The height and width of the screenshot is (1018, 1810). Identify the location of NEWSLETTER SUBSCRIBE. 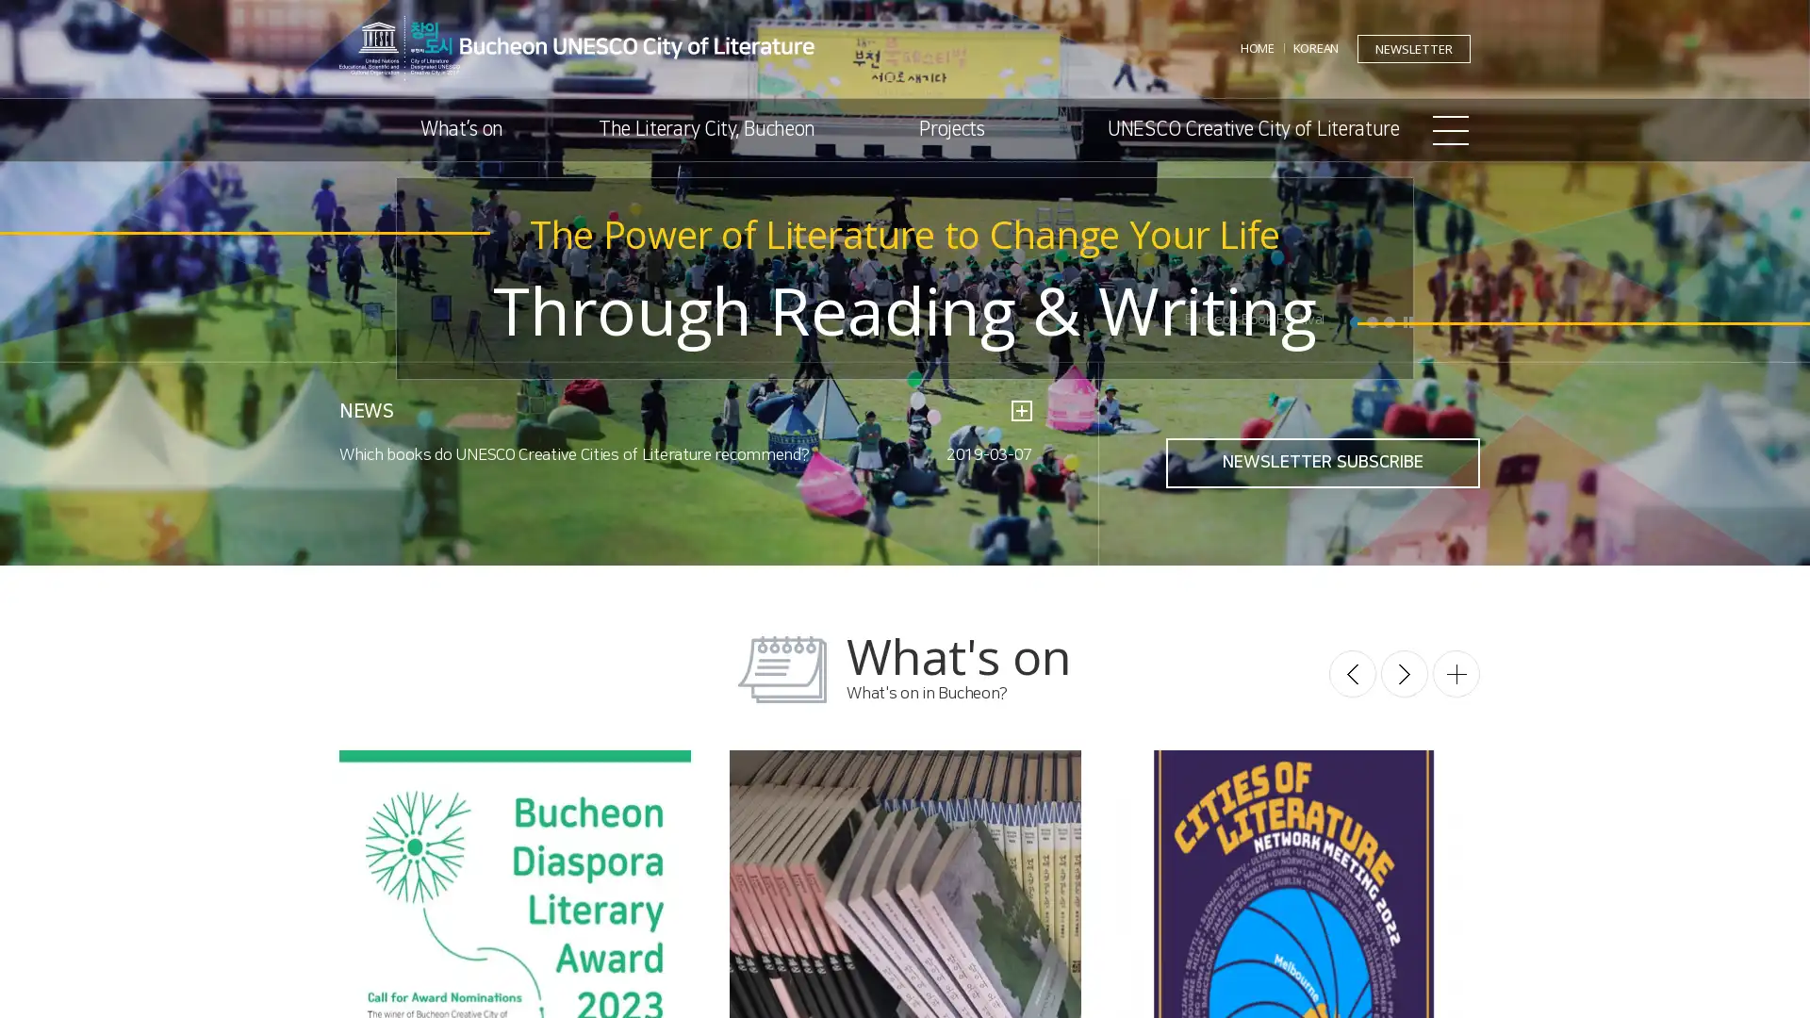
(1322, 463).